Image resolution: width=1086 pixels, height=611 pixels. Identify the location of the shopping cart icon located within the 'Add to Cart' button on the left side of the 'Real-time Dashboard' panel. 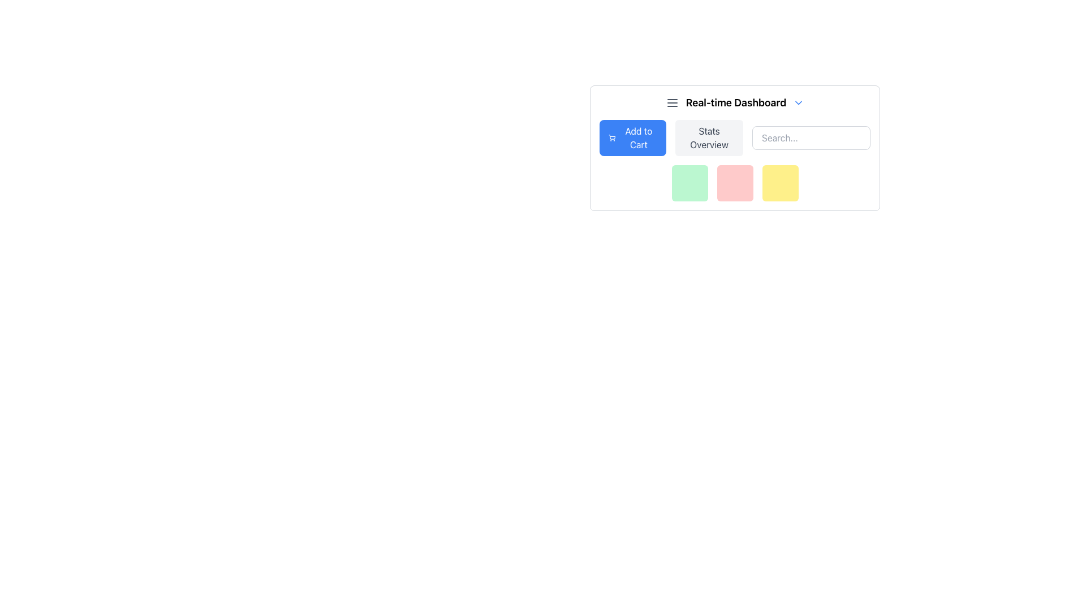
(611, 137).